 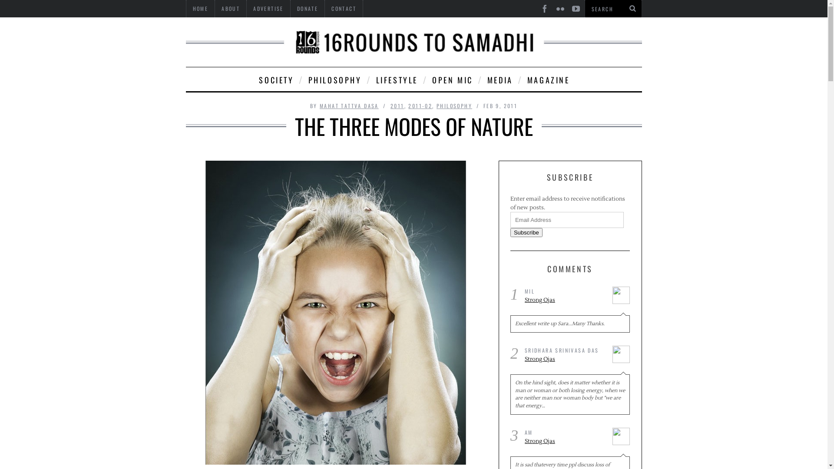 What do you see at coordinates (275, 79) in the screenshot?
I see `'SOCIETY'` at bounding box center [275, 79].